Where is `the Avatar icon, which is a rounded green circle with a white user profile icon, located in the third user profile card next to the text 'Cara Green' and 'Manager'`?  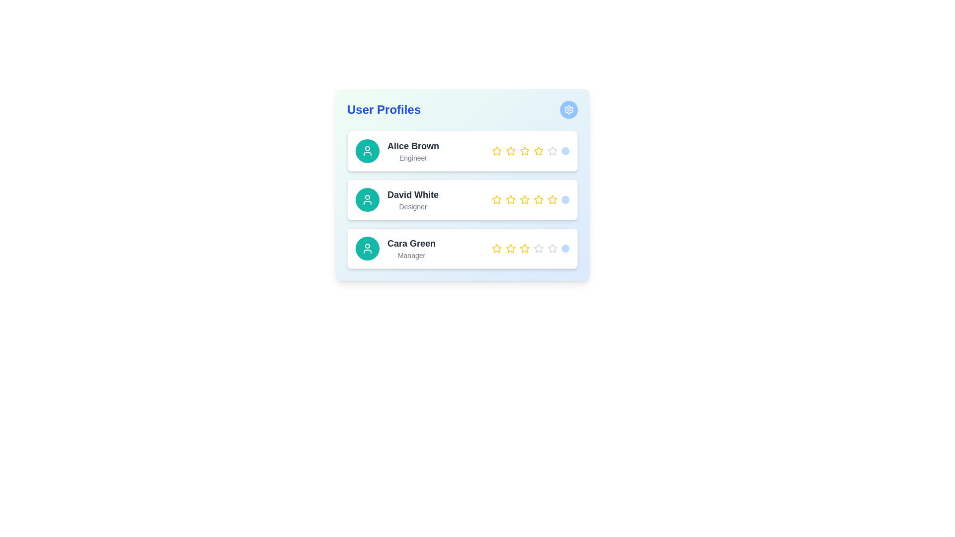 the Avatar icon, which is a rounded green circle with a white user profile icon, located in the third user profile card next to the text 'Cara Green' and 'Manager' is located at coordinates (367, 248).